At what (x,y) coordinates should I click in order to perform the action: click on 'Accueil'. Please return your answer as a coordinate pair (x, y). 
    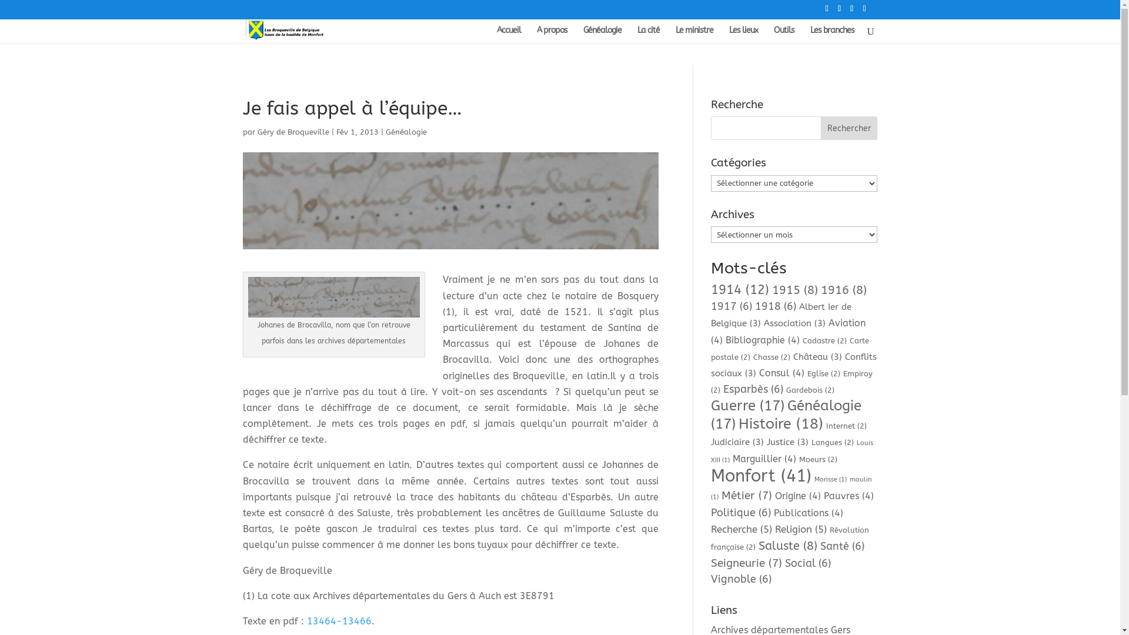
    Looking at the image, I should click on (508, 34).